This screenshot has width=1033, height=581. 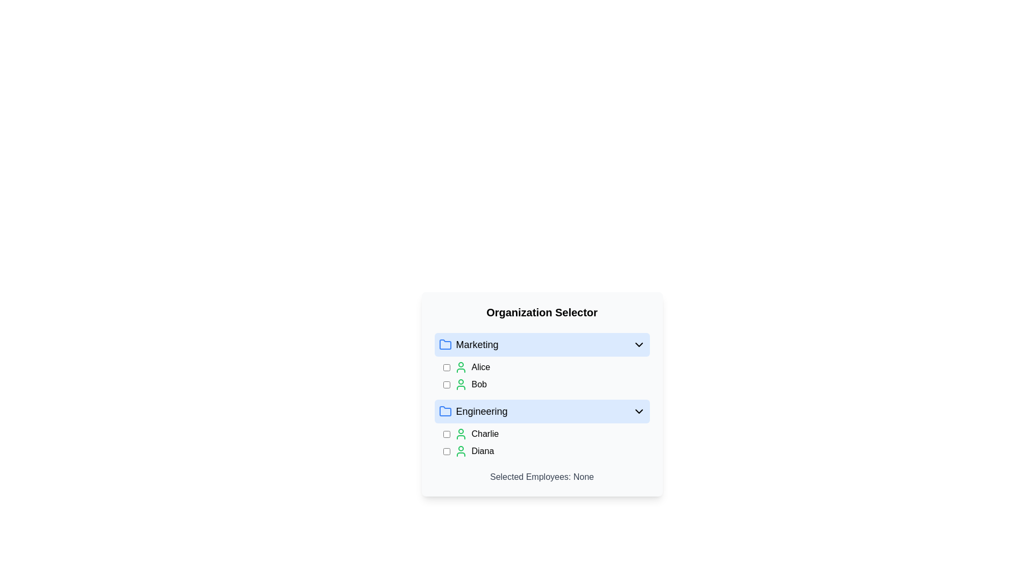 I want to click on the checkbox associated with the list item 'Diana', so click(x=546, y=451).